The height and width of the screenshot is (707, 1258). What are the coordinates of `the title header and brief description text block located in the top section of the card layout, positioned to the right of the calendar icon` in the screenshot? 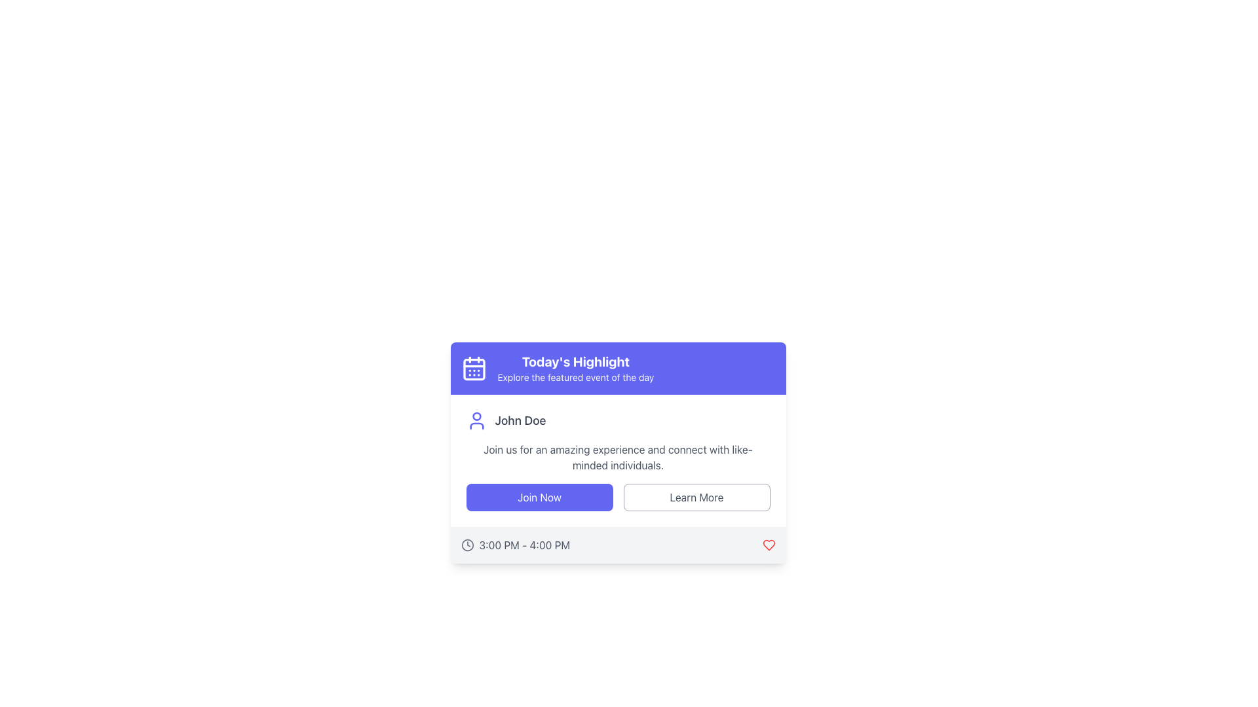 It's located at (575, 369).